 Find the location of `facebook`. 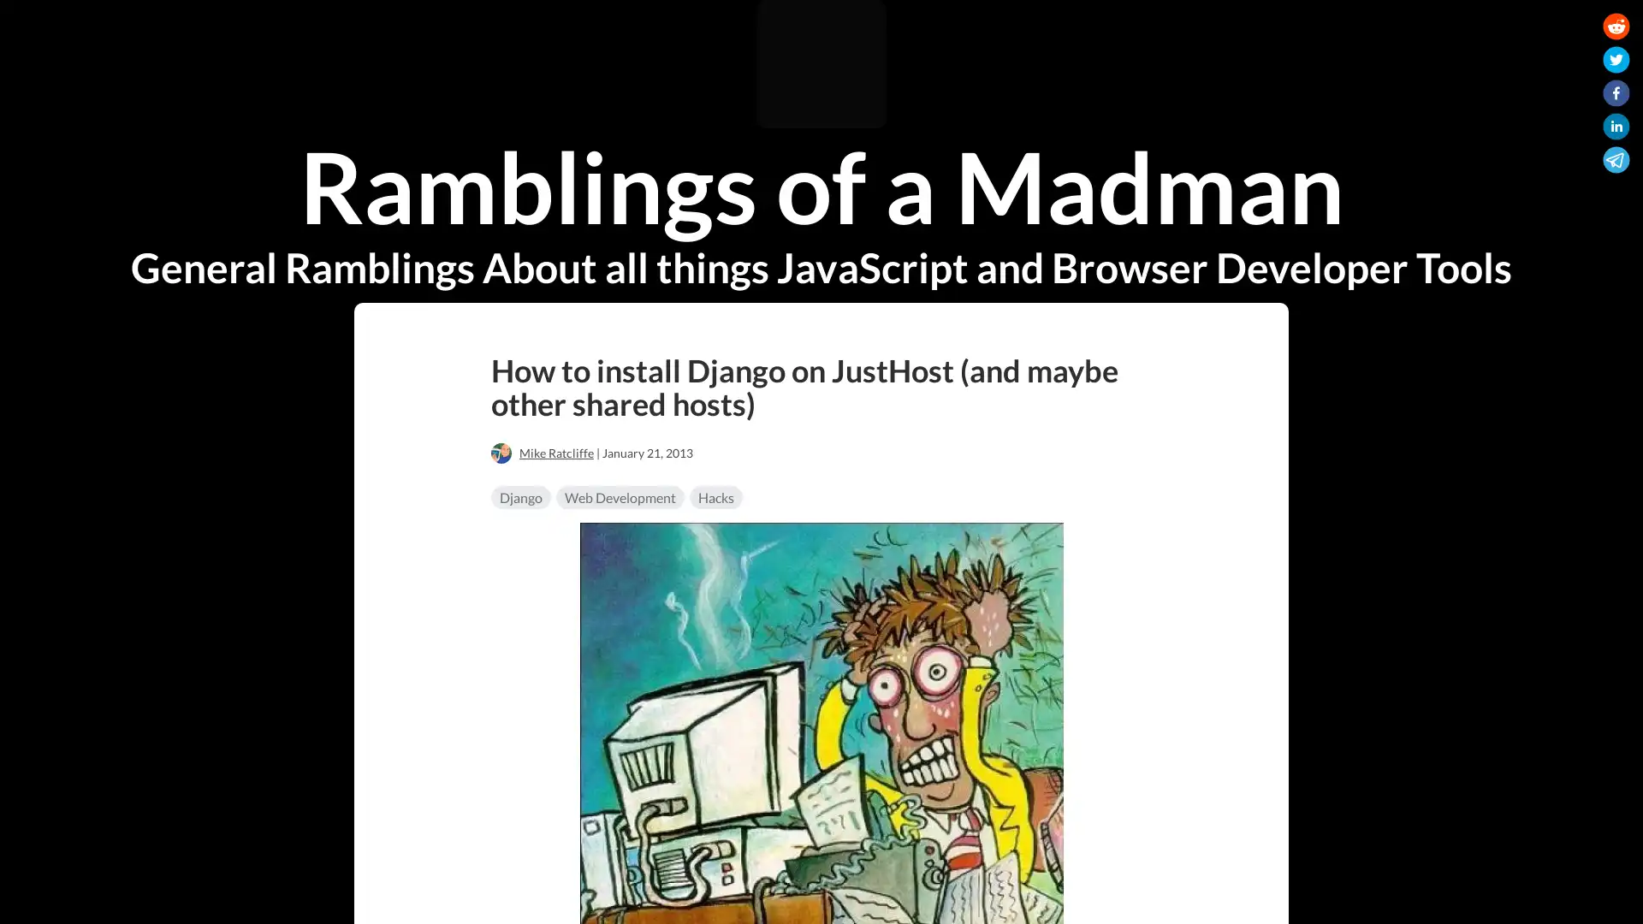

facebook is located at coordinates (1616, 96).